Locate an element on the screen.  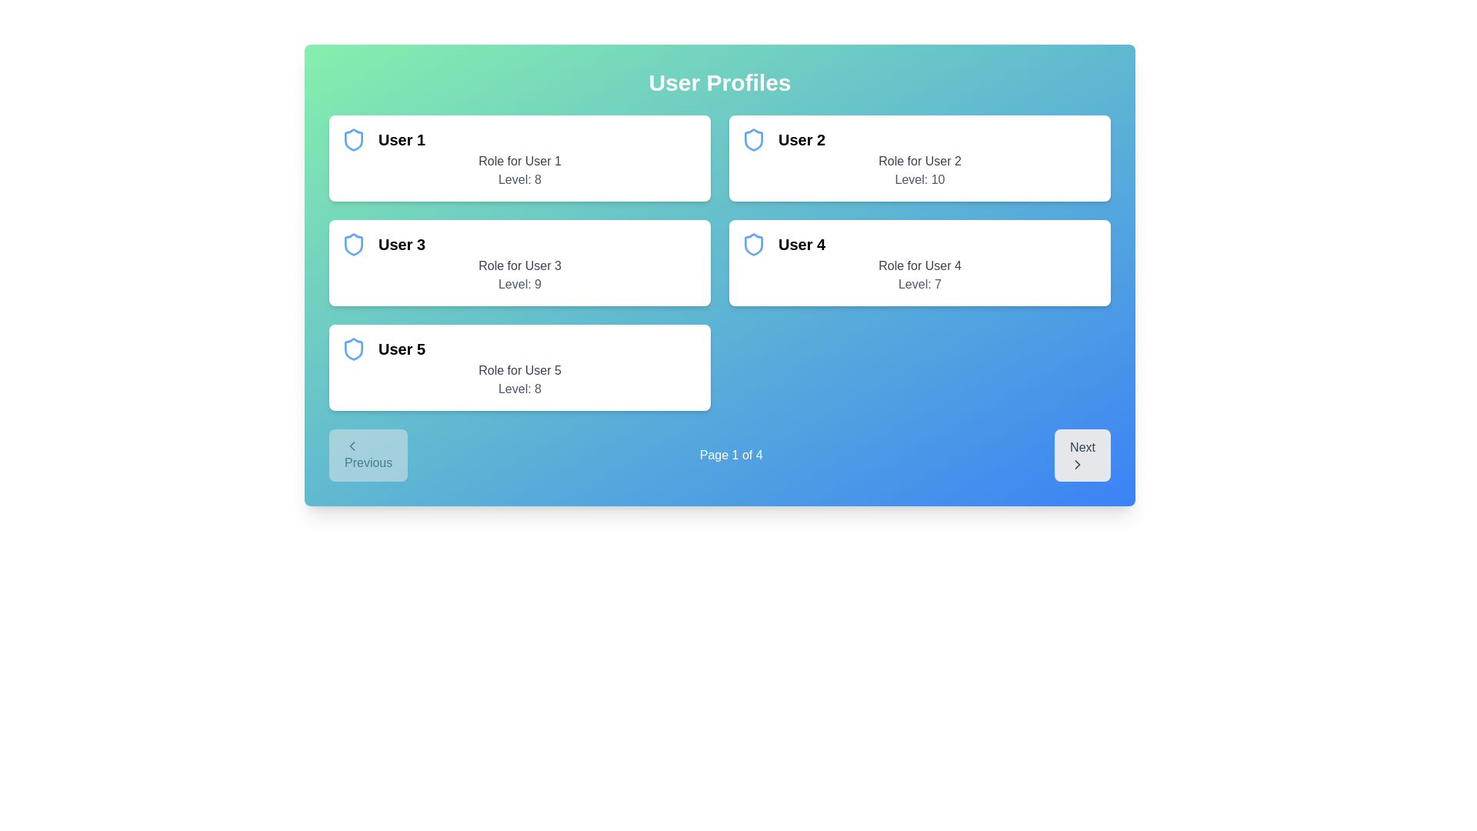
the text label displaying 'User 3' which is styled in bold, black large font within its card layout is located at coordinates (402, 243).